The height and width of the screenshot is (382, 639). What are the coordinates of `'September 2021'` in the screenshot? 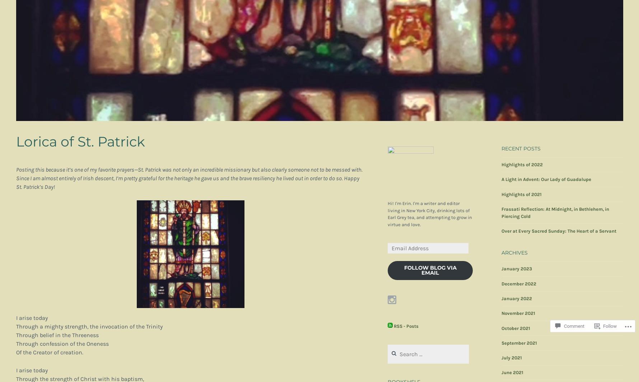 It's located at (501, 343).